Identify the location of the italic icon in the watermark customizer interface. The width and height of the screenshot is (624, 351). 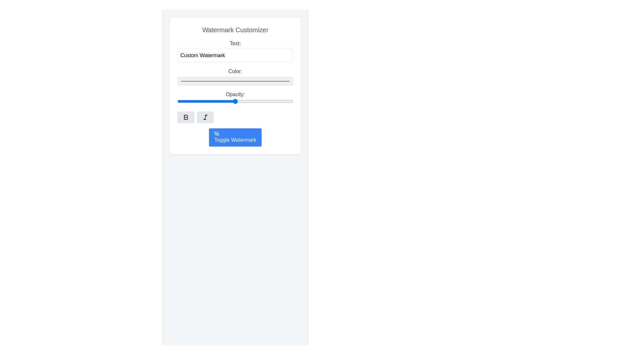
(205, 117).